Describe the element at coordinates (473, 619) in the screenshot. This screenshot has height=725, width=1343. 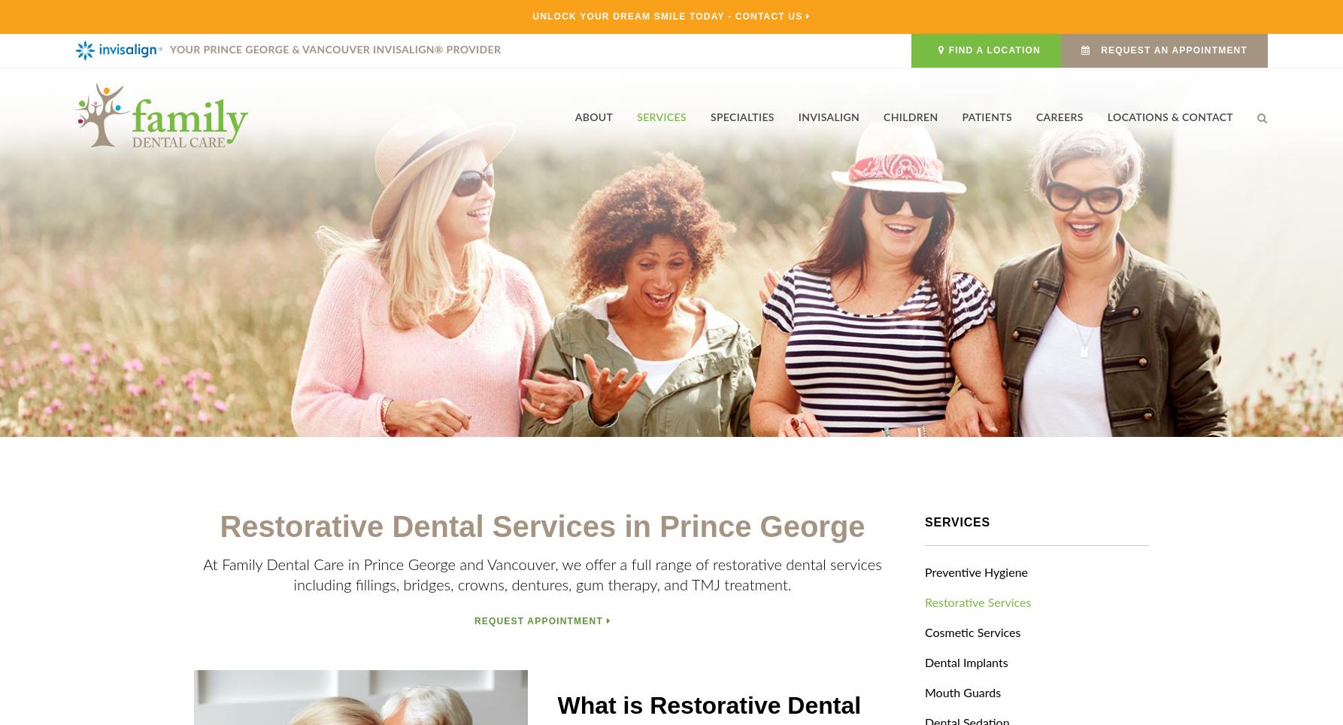
I see `'Request Appointment'` at that location.